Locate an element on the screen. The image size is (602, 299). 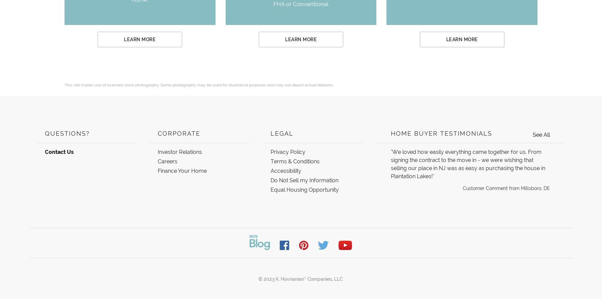
'See All' is located at coordinates (541, 135).